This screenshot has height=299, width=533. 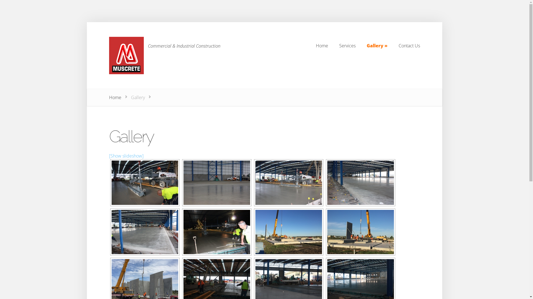 I want to click on 'Muscrete Jobs 041', so click(x=145, y=182).